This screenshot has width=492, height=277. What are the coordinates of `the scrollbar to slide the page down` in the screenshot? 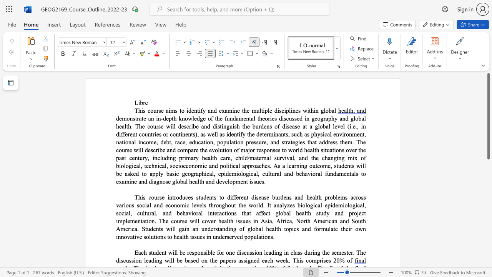 It's located at (488, 215).